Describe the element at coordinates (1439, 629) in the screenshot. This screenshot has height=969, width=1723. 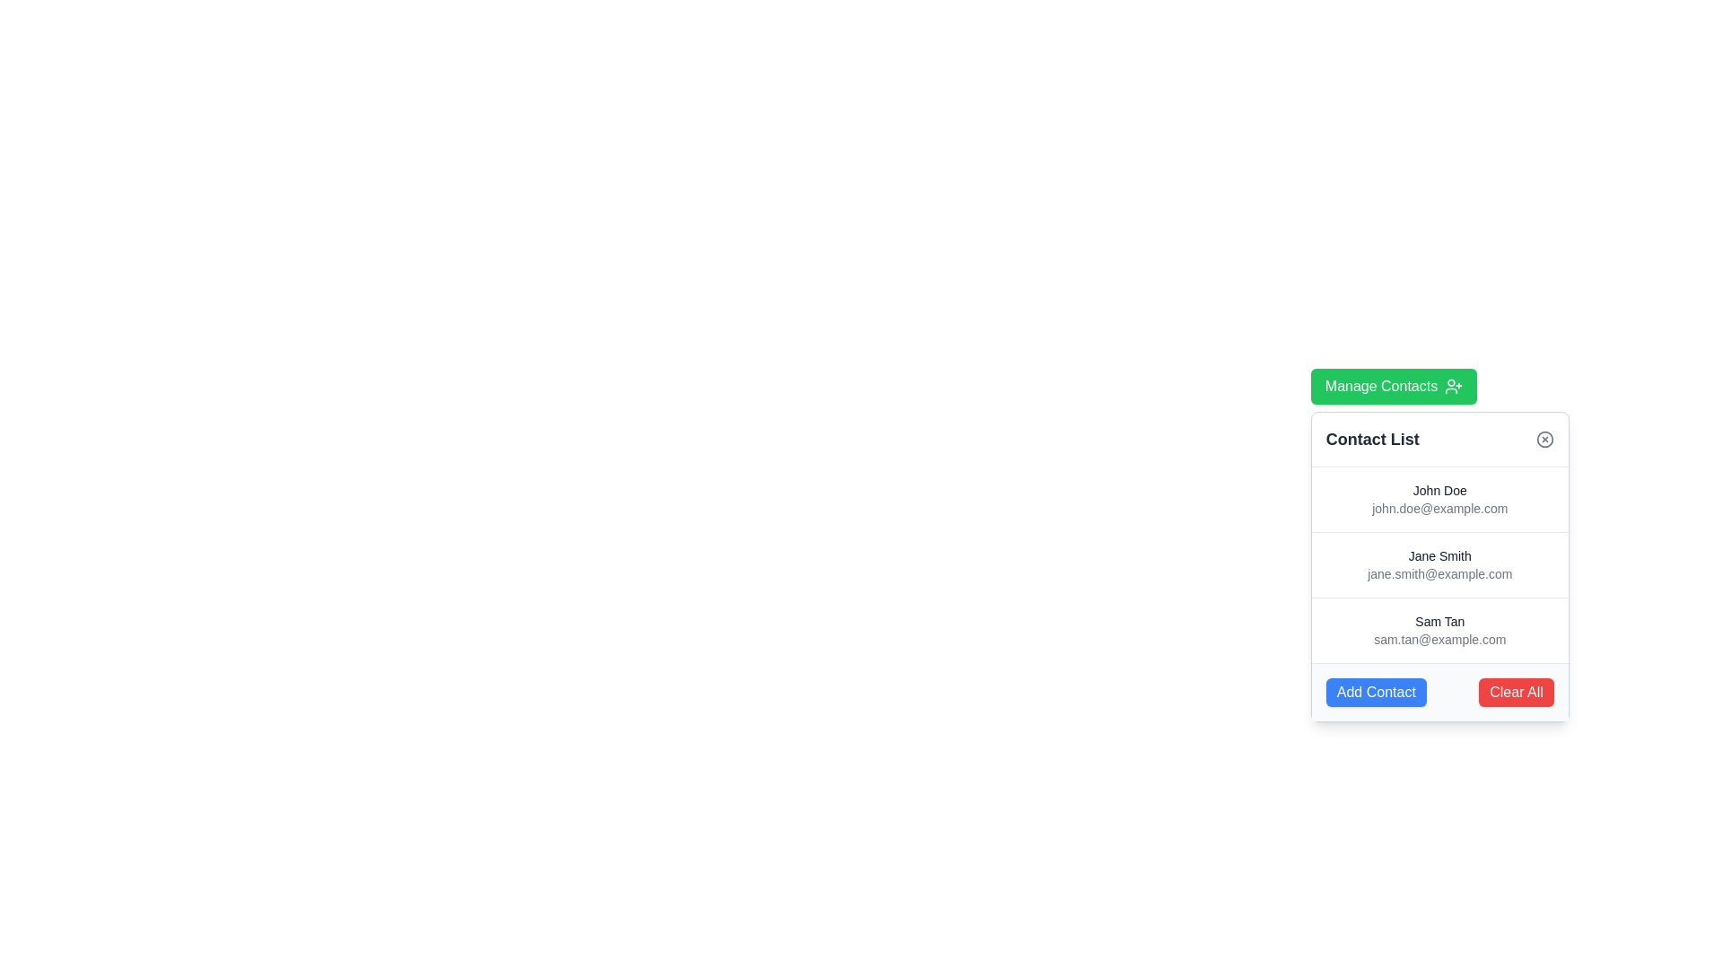
I see `the List Item displaying the name and email information for Sam Tan, which is the third item in the contact list below Jane Smith` at that location.